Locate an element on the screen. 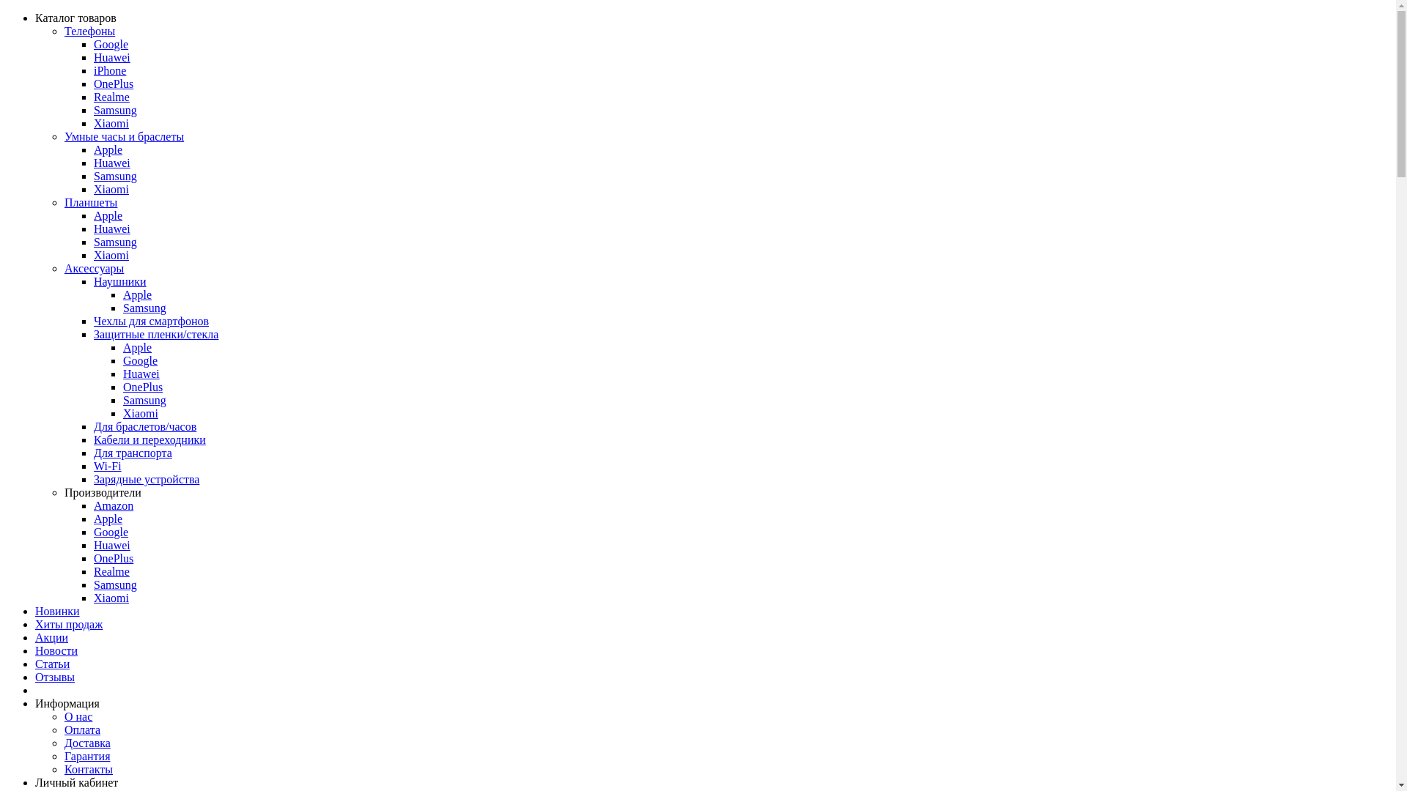 The image size is (1407, 791). 'Samsung' is located at coordinates (144, 307).